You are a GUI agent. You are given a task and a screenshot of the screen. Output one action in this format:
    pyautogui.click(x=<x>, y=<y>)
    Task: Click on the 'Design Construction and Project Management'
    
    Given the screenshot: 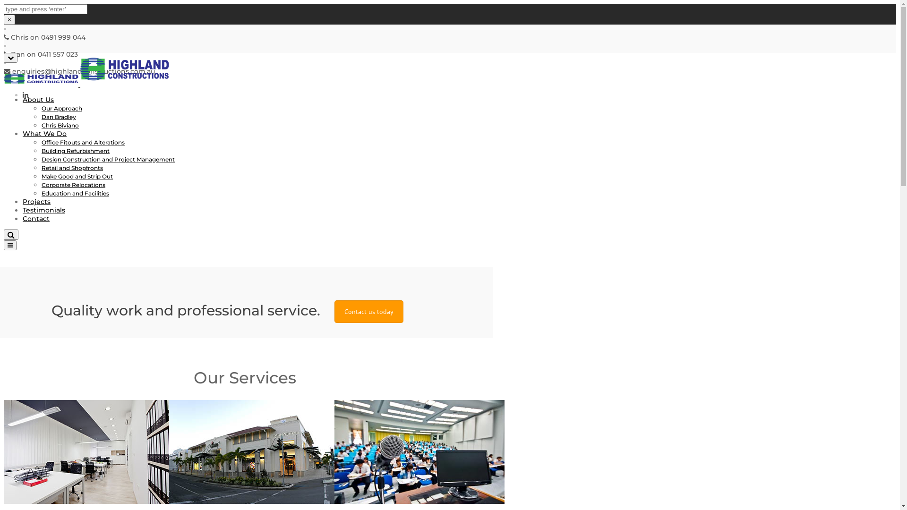 What is the action you would take?
    pyautogui.click(x=41, y=159)
    